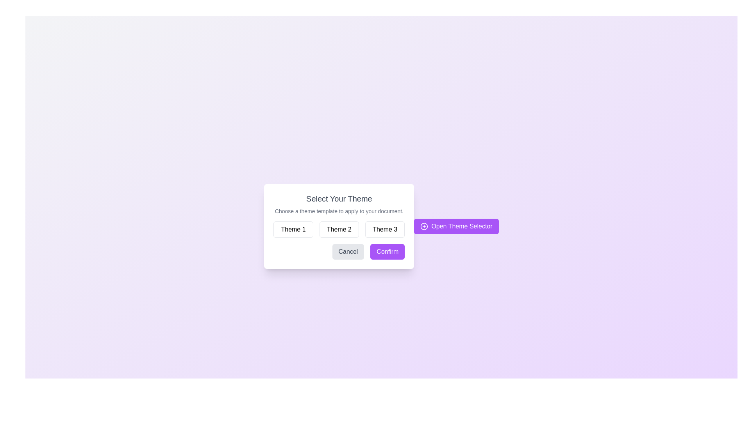 This screenshot has width=750, height=421. I want to click on informational static text located below the title 'Select Your Theme' in the modal dialog box, so click(339, 211).